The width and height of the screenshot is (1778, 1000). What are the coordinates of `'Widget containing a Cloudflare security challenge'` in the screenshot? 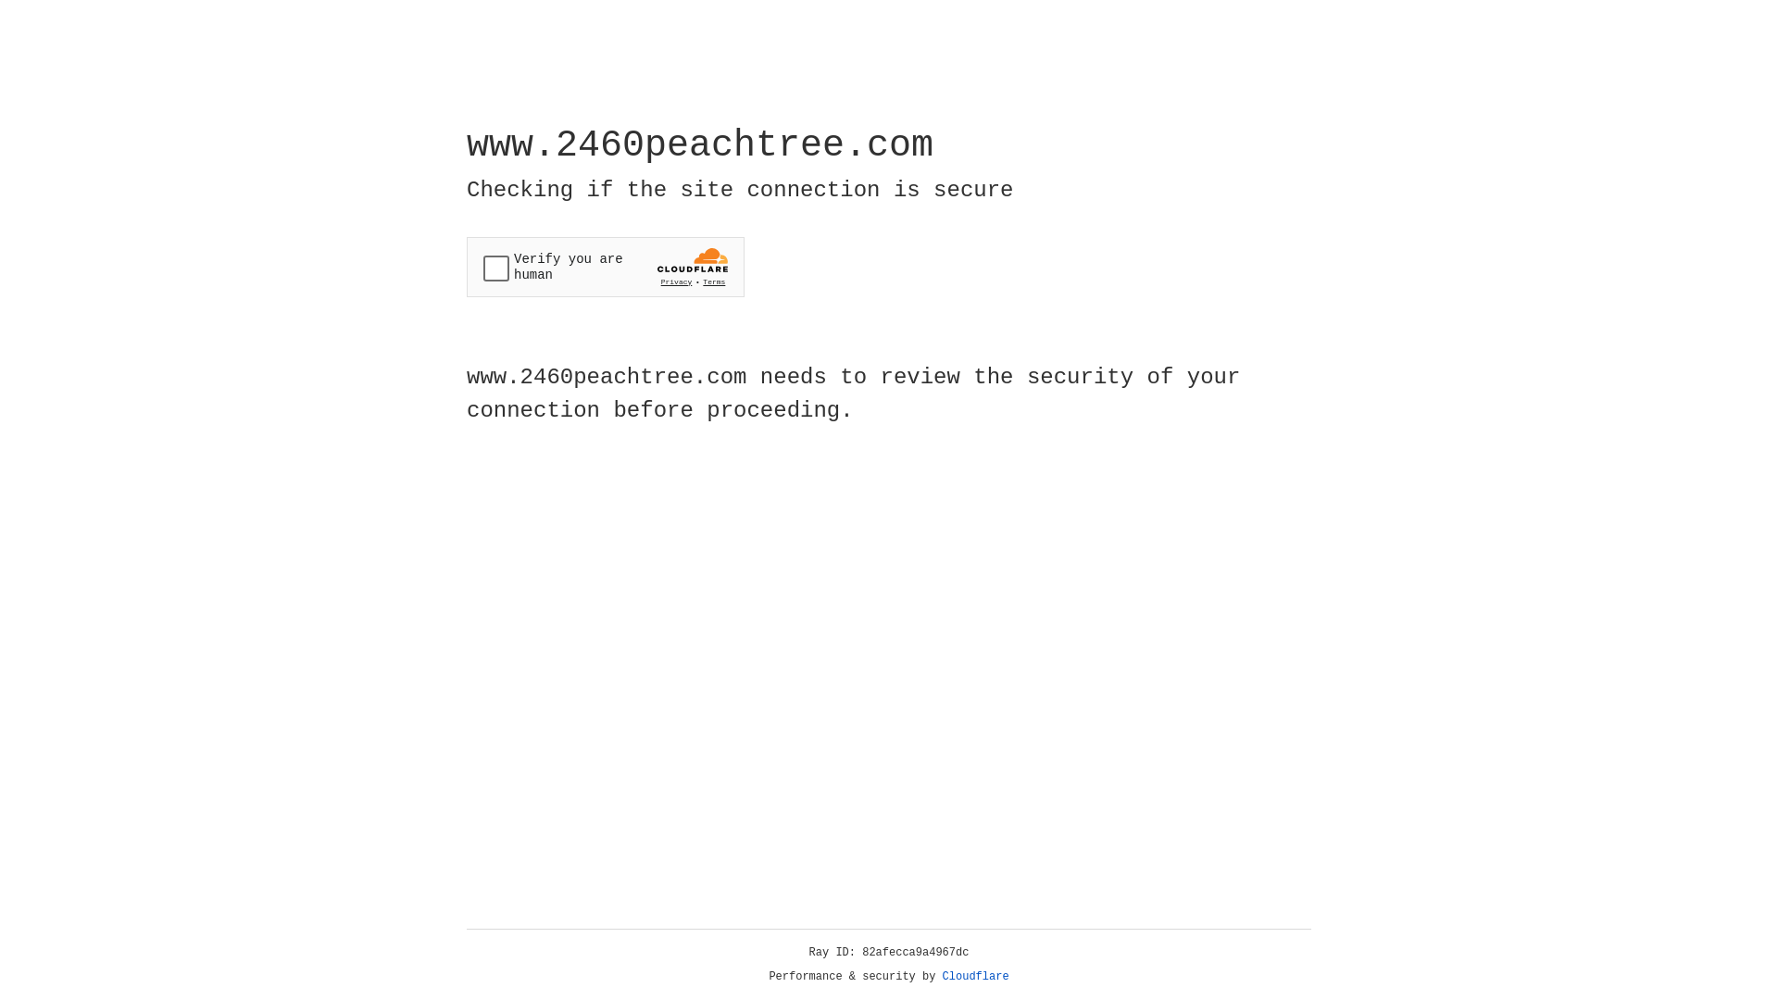 It's located at (605, 267).